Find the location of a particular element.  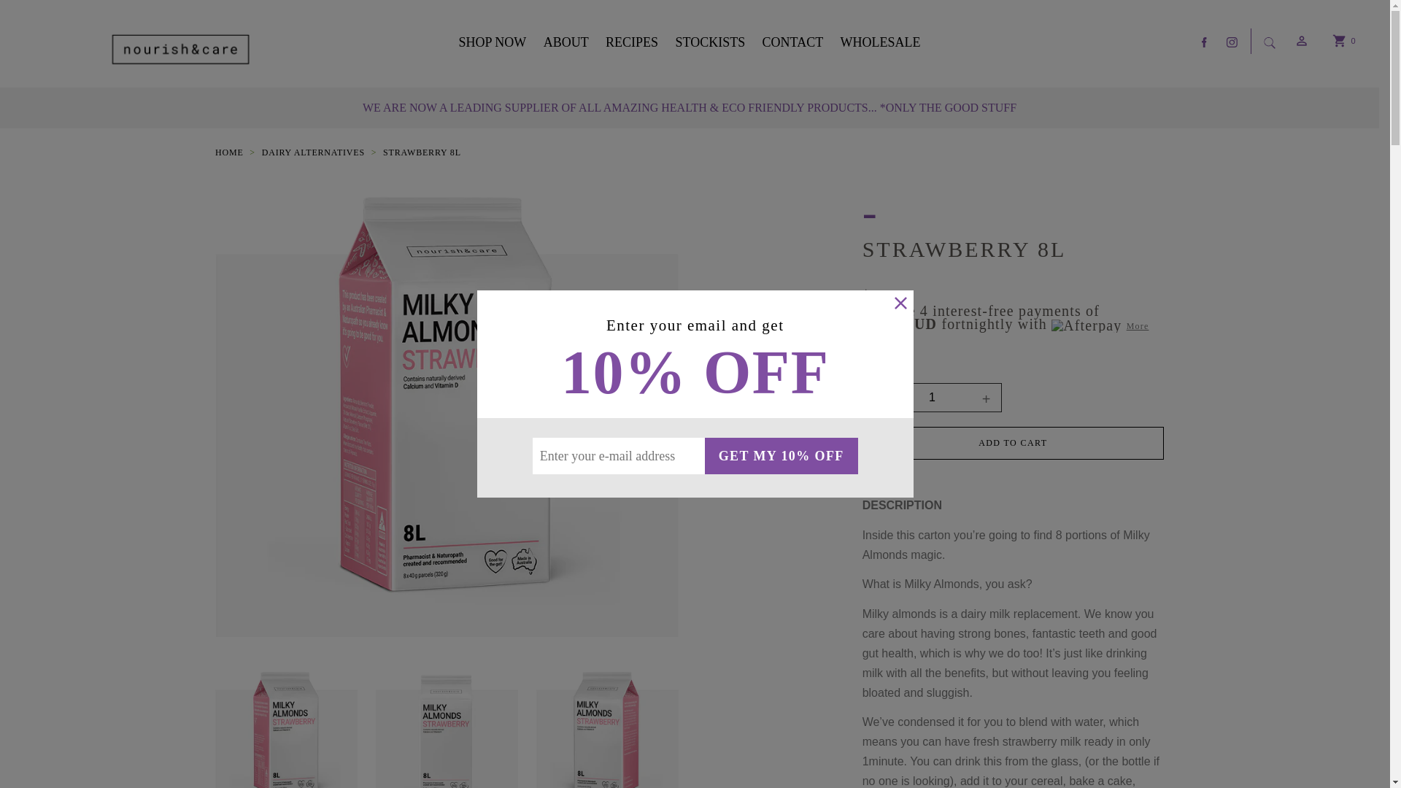

'0' is located at coordinates (1340, 43).